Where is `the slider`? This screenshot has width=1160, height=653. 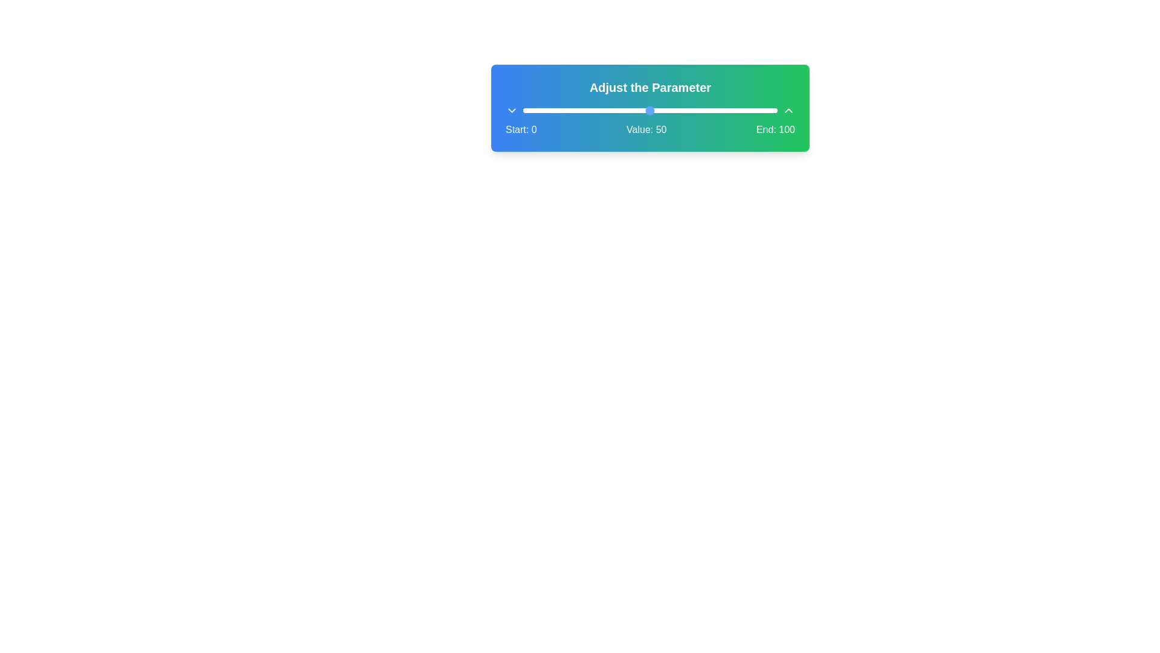
the slider is located at coordinates (736, 110).